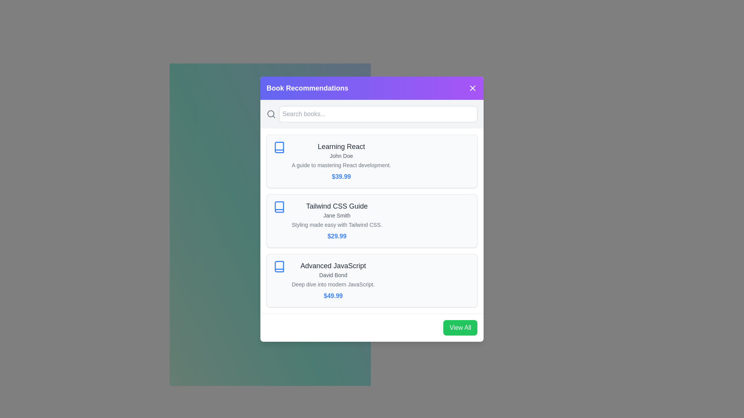  Describe the element at coordinates (472, 87) in the screenshot. I see `the small red cross icon in the top-right corner of the modal` at that location.